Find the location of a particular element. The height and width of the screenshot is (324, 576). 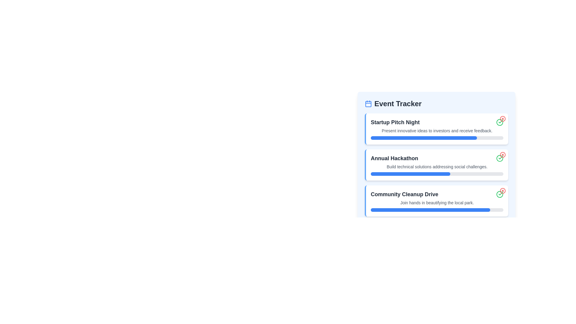

event details displayed on the 'Annual Hackathon' card, which is the second card in a vertical list of three similar cards is located at coordinates (436, 165).